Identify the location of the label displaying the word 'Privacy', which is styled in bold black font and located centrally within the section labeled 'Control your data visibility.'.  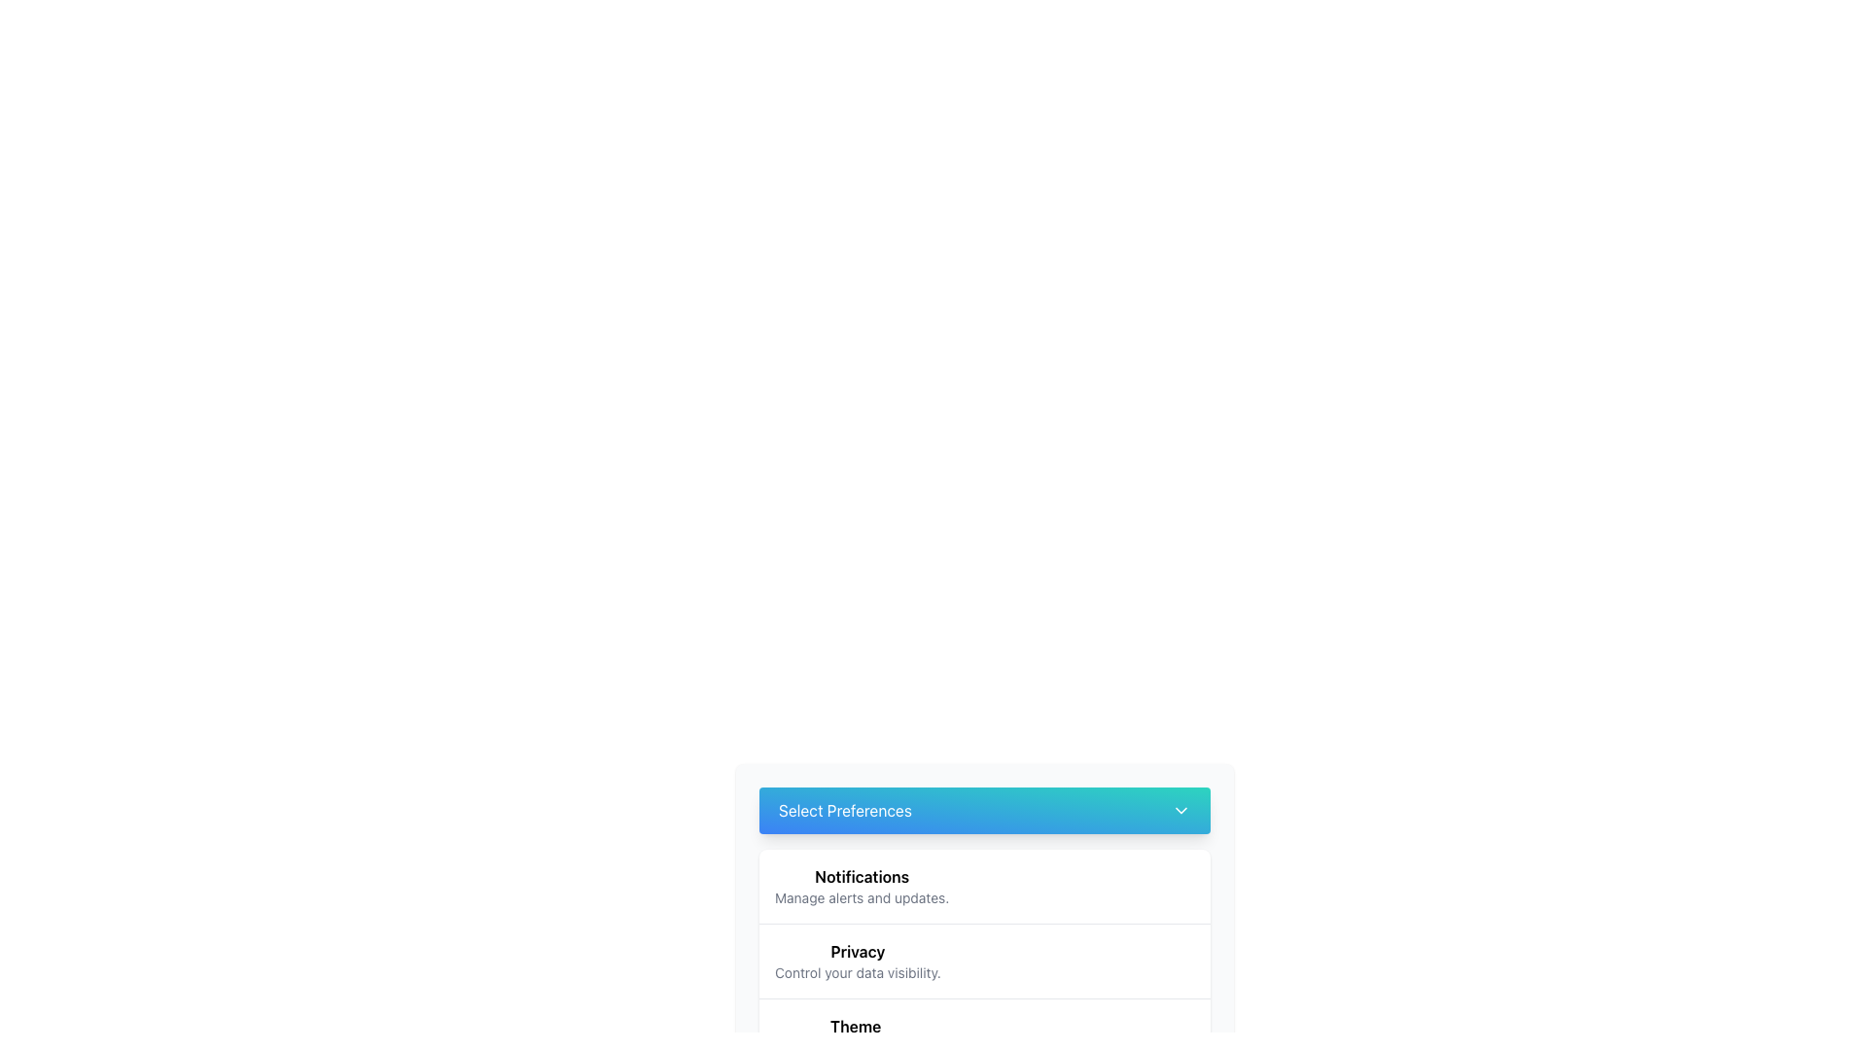
(857, 951).